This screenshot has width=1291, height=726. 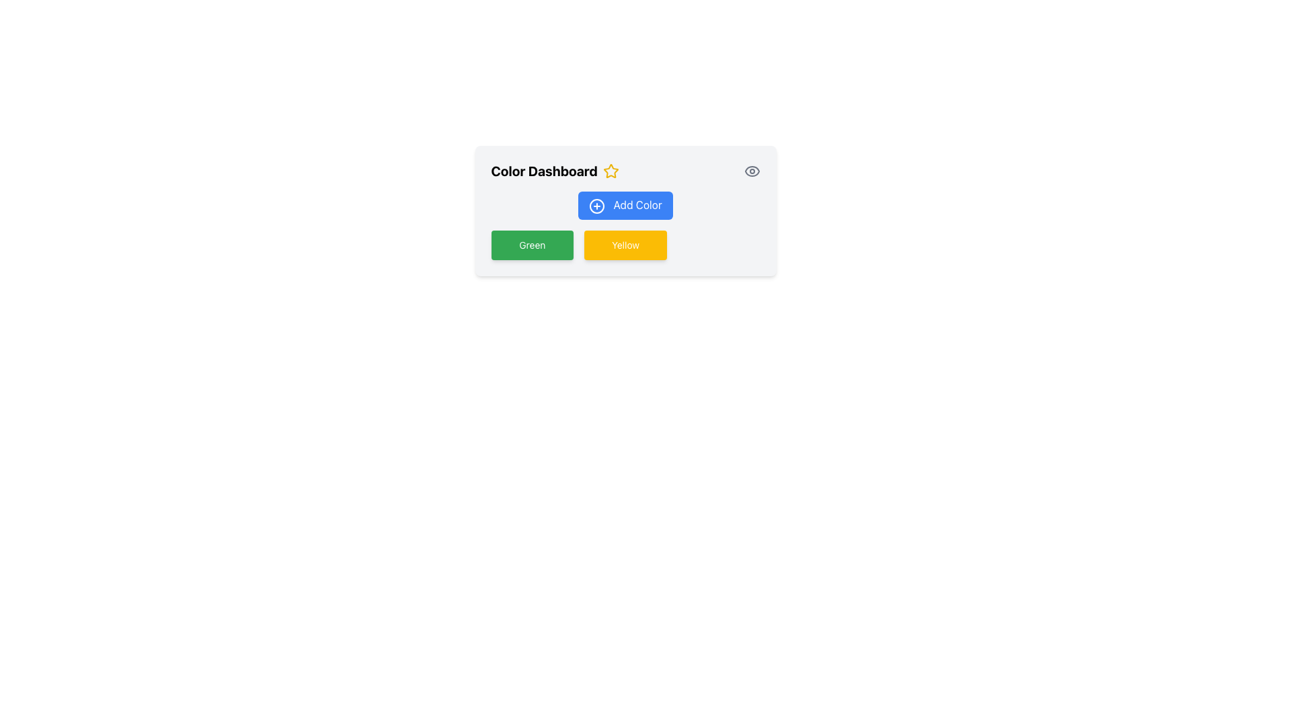 What do you see at coordinates (625, 205) in the screenshot?
I see `the first button located within the Color Dashboard section` at bounding box center [625, 205].